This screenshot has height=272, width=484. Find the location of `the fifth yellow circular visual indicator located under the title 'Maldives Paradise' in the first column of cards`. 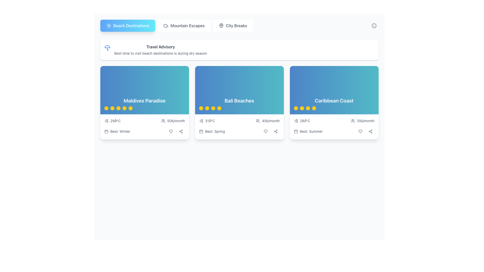

the fifth yellow circular visual indicator located under the title 'Maldives Paradise' in the first column of cards is located at coordinates (130, 108).